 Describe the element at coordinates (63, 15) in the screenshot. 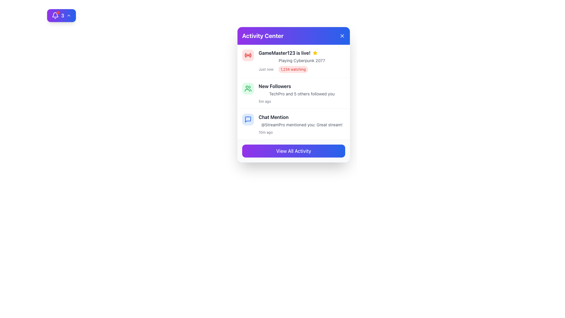

I see `text content of the Text Label displaying the numeral '3', which is styled in bold white font and positioned within a button-like component with a gradient color from purple to blue` at that location.